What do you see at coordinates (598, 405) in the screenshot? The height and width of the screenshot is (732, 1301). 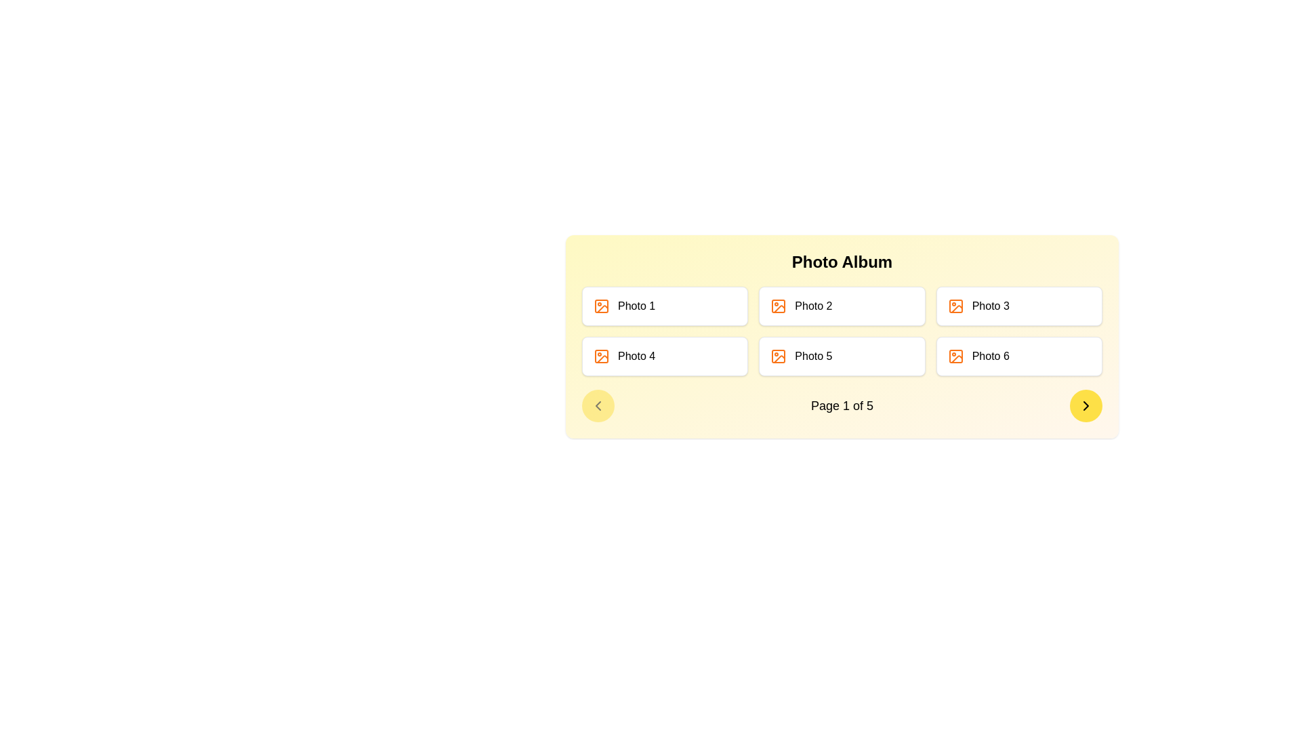 I see `the leftmost button in the horizontal navigation bar beneath the photo gallery` at bounding box center [598, 405].